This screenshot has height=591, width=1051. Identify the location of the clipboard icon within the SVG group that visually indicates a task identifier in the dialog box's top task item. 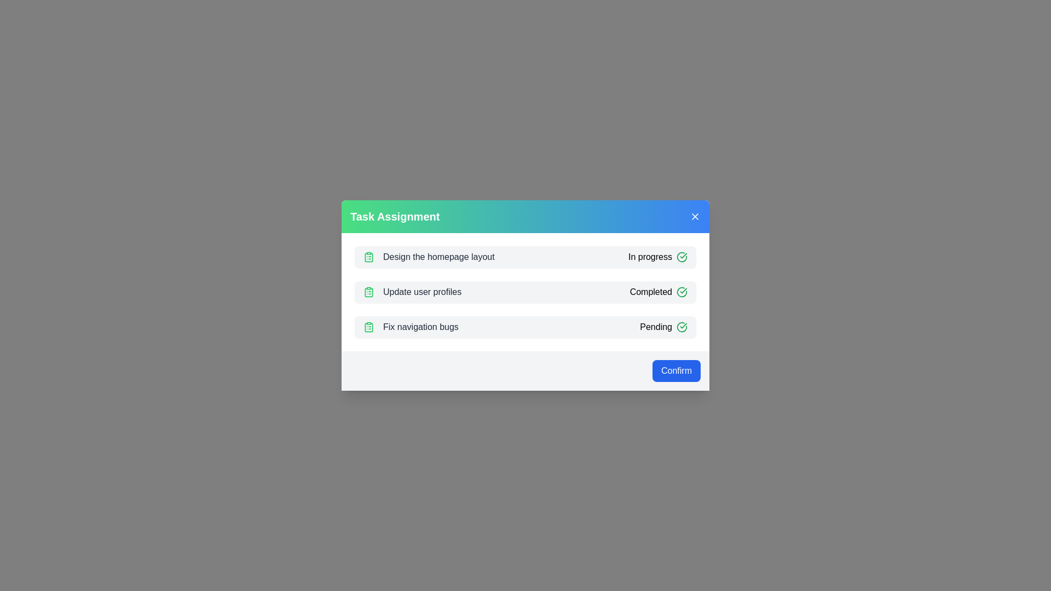
(368, 257).